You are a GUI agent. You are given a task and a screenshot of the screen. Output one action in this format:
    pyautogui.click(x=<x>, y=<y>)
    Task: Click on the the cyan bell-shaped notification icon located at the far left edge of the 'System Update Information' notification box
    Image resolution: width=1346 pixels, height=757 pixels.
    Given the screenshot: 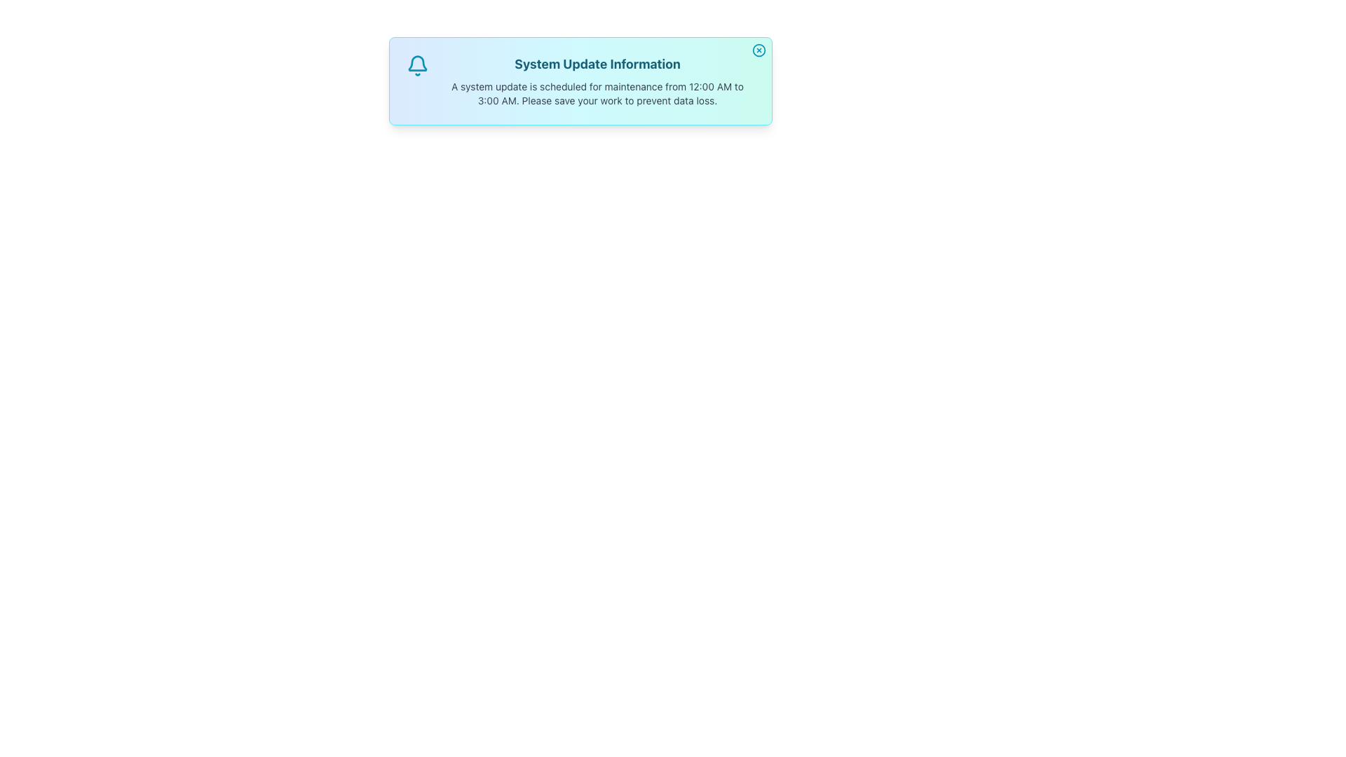 What is the action you would take?
    pyautogui.click(x=416, y=65)
    